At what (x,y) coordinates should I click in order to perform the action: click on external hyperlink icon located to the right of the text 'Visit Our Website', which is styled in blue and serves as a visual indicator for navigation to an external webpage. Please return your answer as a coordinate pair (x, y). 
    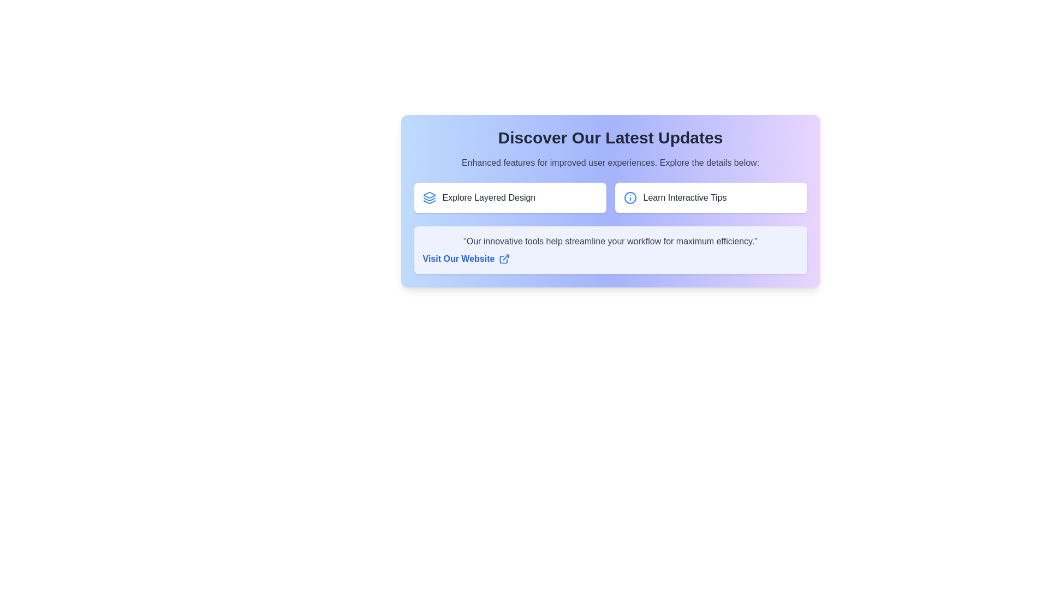
    Looking at the image, I should click on (504, 259).